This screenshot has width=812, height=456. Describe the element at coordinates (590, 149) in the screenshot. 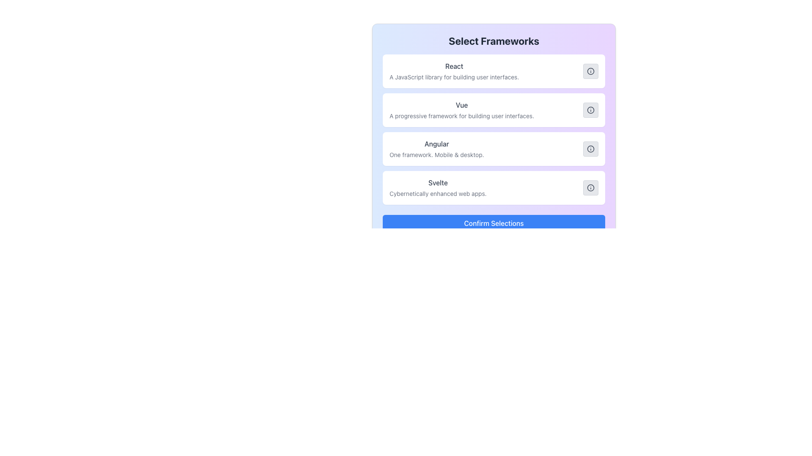

I see `the Info Icon located to the right of the 'Angular' framework option` at that location.